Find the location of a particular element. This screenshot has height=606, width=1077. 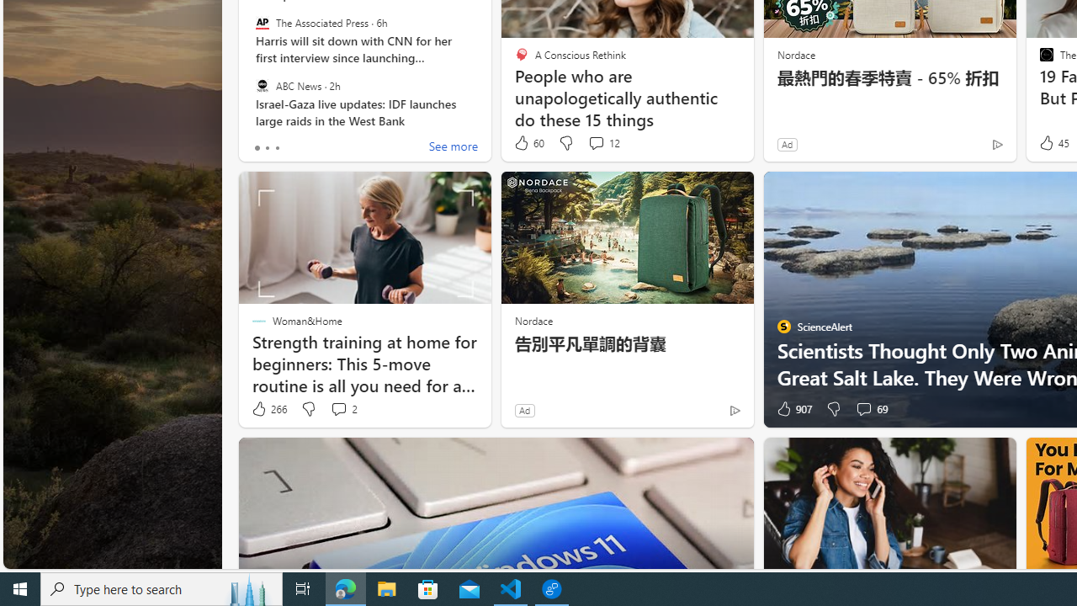

'60 Like' is located at coordinates (528, 142).